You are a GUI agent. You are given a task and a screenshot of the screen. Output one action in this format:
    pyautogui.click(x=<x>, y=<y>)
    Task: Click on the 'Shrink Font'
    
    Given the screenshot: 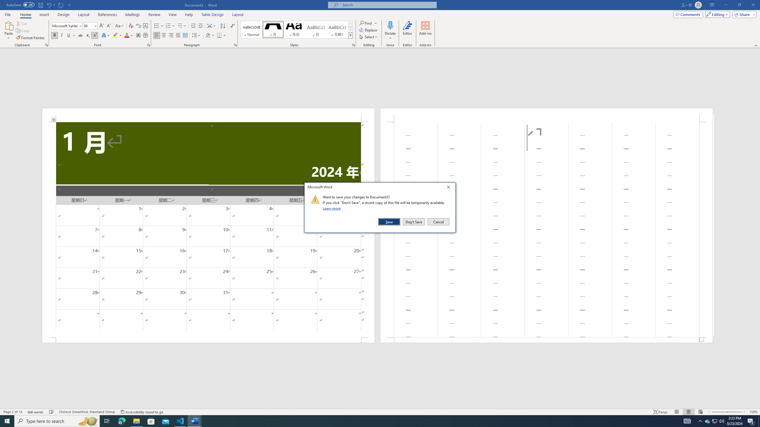 What is the action you would take?
    pyautogui.click(x=109, y=26)
    